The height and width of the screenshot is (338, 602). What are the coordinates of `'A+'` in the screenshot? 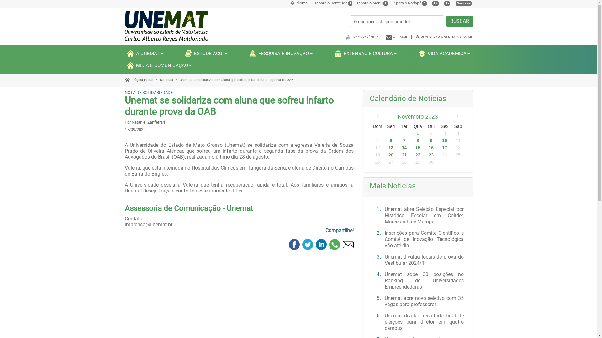 It's located at (435, 3).